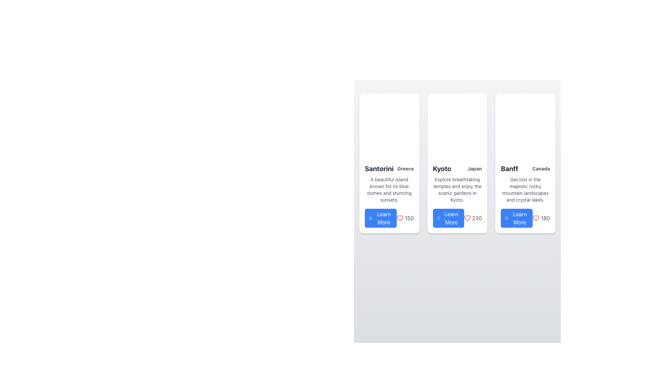 The height and width of the screenshot is (366, 651). I want to click on text block providing a brief description of Santorini, located within the card structure directly below the title 'Santorini Greece' and above the 'Learn More' button, so click(389, 189).